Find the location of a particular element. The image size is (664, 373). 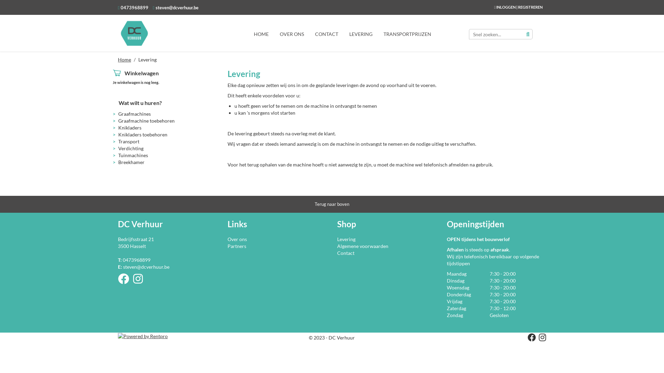

'Tuinmachines' is located at coordinates (118, 155).